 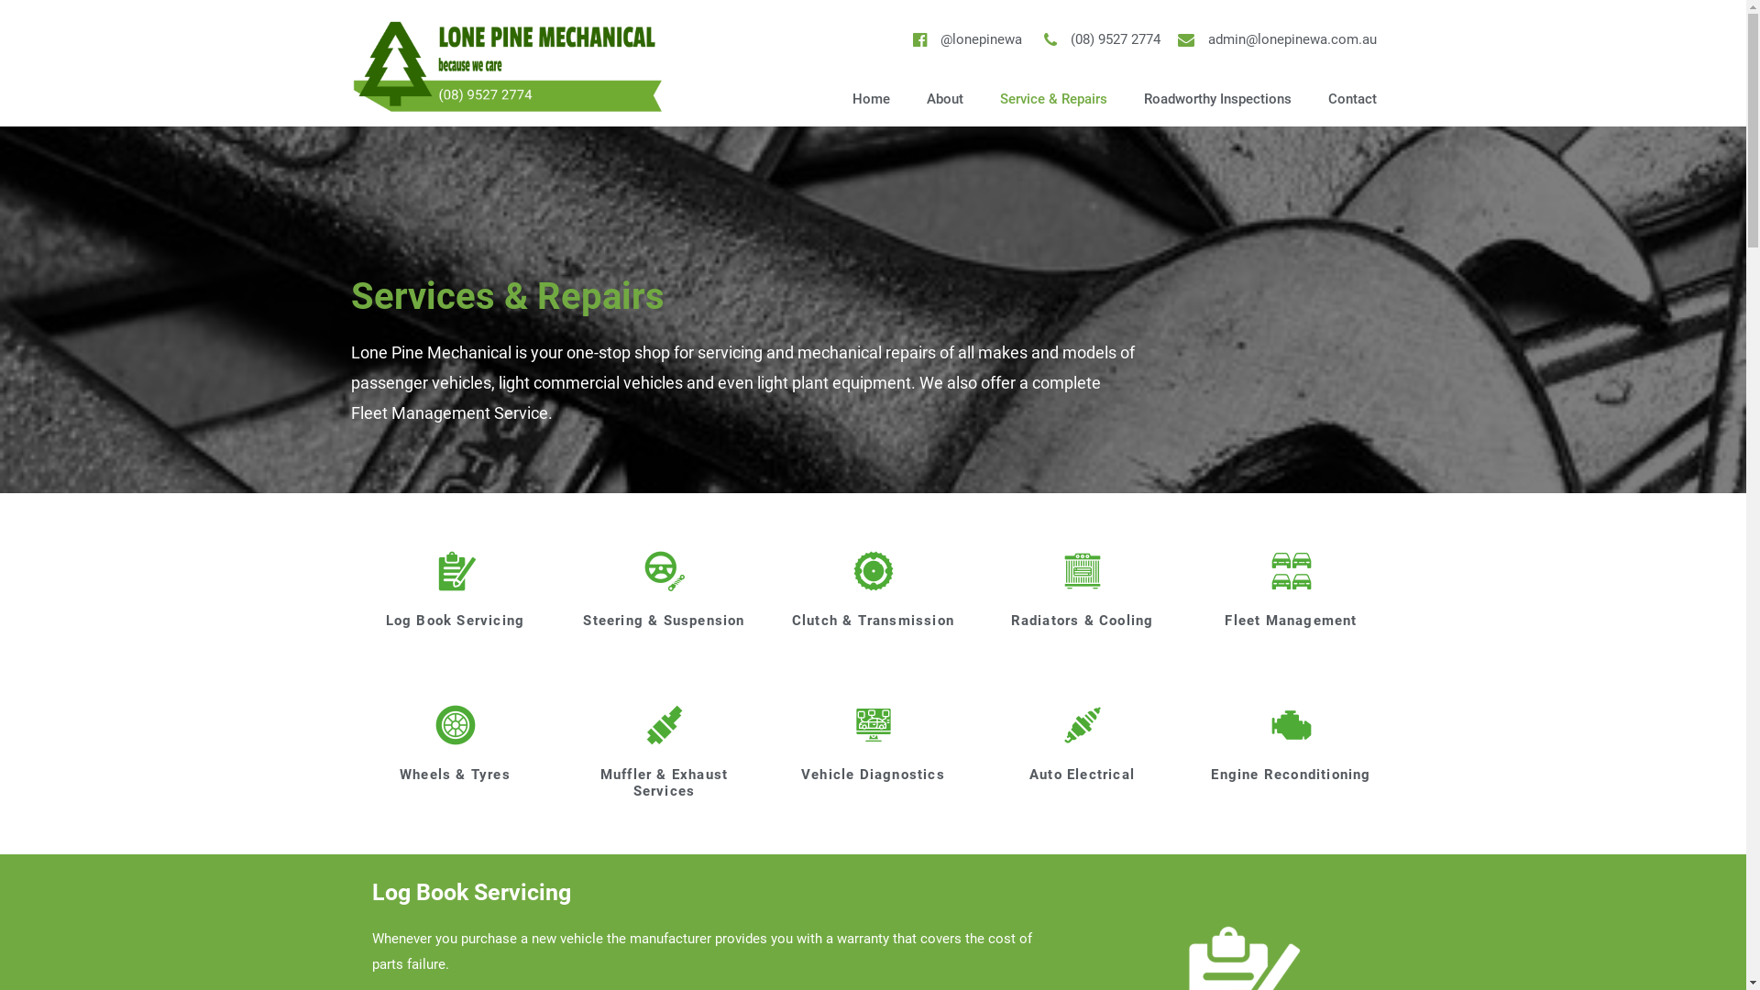 What do you see at coordinates (1289, 774) in the screenshot?
I see `'Engine Reconditioning'` at bounding box center [1289, 774].